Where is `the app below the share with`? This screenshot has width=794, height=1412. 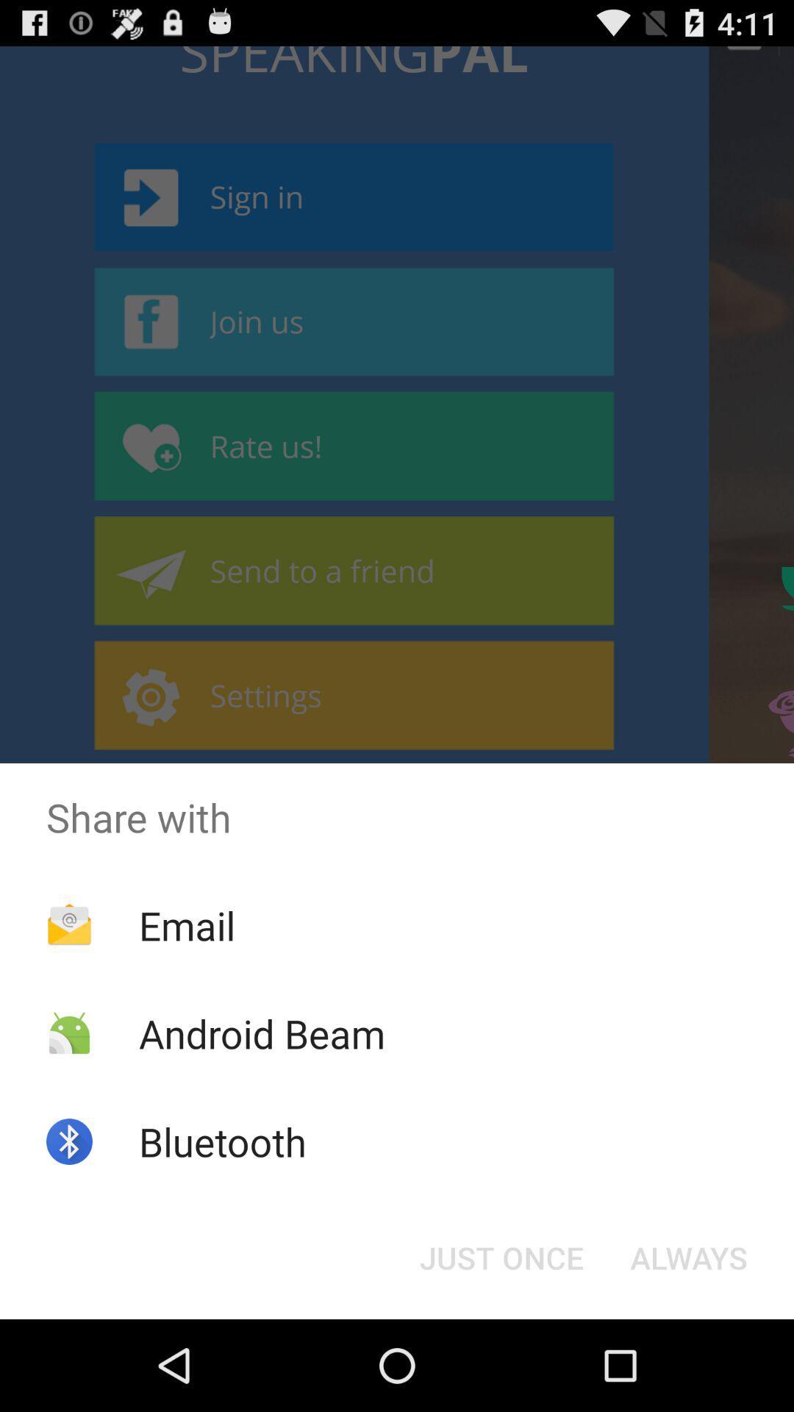
the app below the share with is located at coordinates (186, 924).